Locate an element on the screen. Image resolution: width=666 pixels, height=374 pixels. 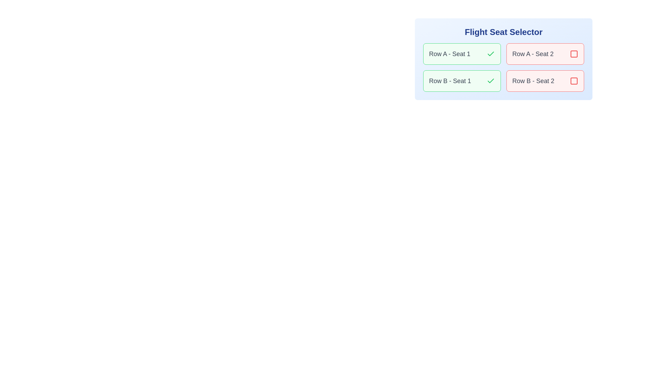
the small square button with a red stroke located in the panel labeled 'Row B - Seat 2' is located at coordinates (574, 81).